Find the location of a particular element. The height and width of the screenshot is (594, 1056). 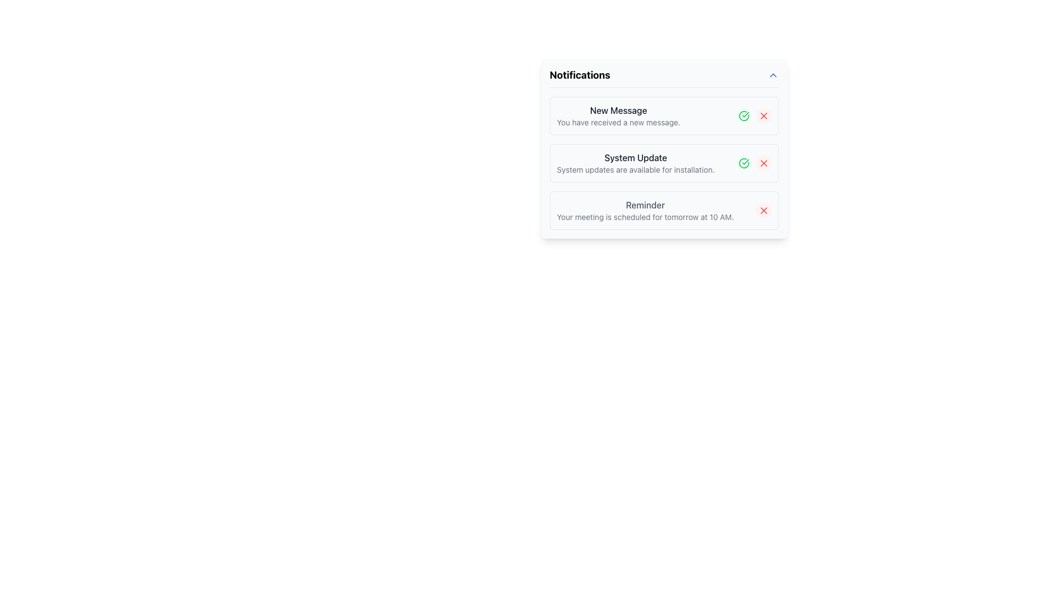

the small red 'X' icon is located at coordinates (763, 116).